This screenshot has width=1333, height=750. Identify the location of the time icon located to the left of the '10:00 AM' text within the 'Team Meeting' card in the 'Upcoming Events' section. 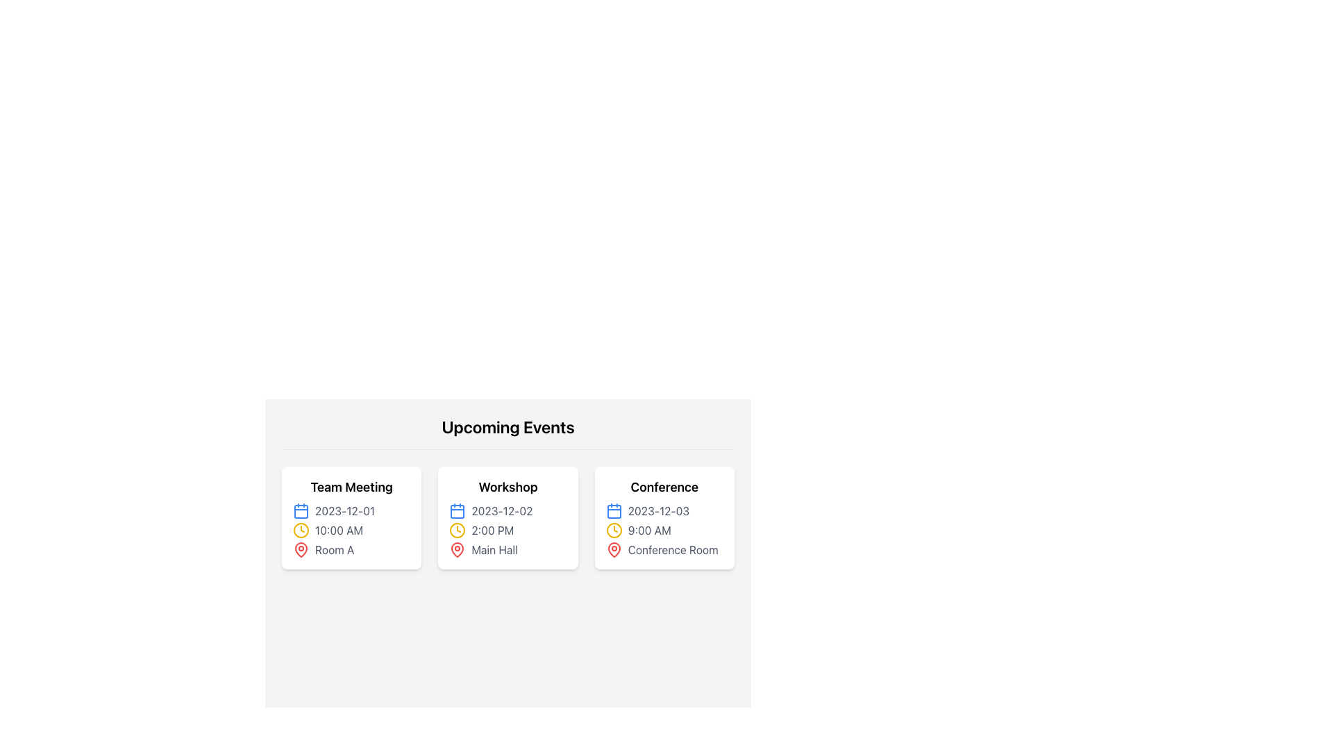
(300, 530).